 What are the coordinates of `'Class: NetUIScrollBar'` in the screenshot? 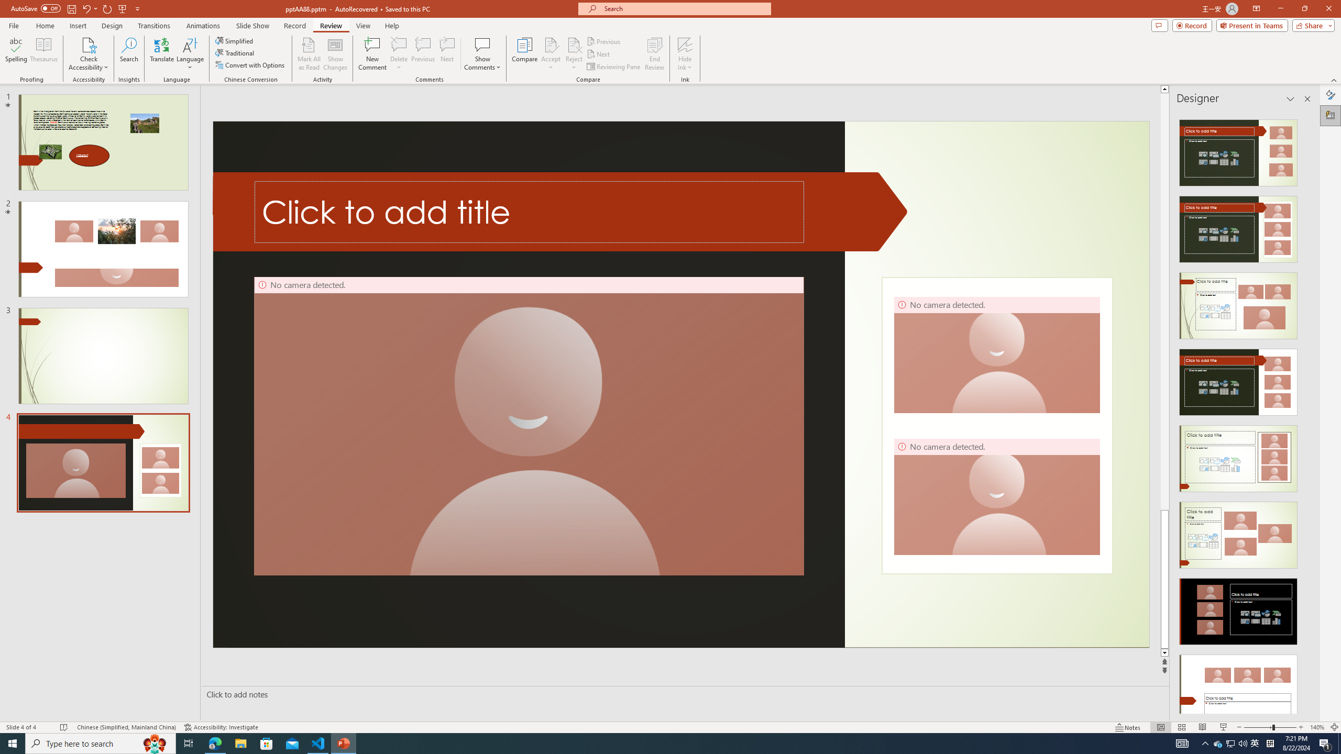 It's located at (1306, 412).